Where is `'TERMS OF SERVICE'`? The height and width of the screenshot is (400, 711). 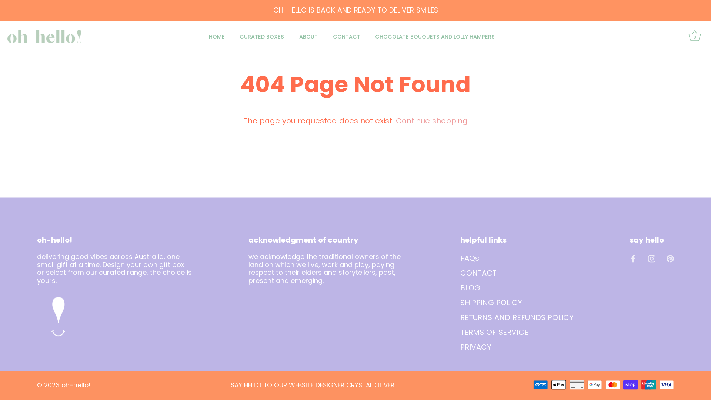
'TERMS OF SERVICE' is located at coordinates (494, 331).